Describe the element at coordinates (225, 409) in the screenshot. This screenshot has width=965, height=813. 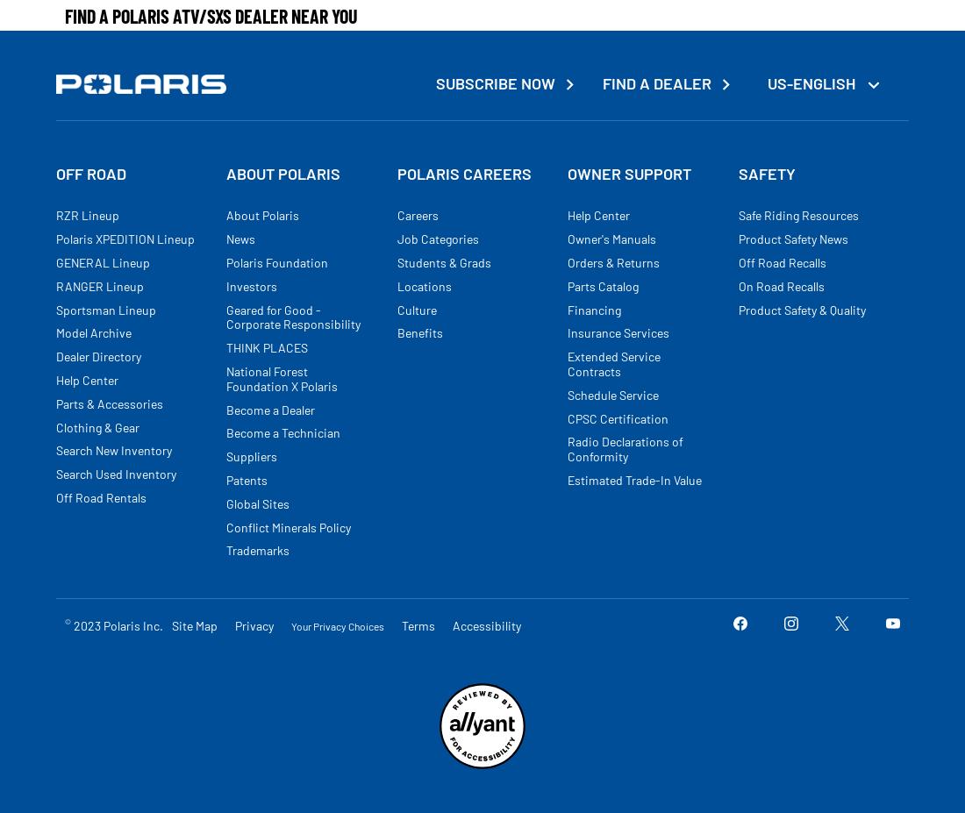
I see `'Become a Dealer'` at that location.